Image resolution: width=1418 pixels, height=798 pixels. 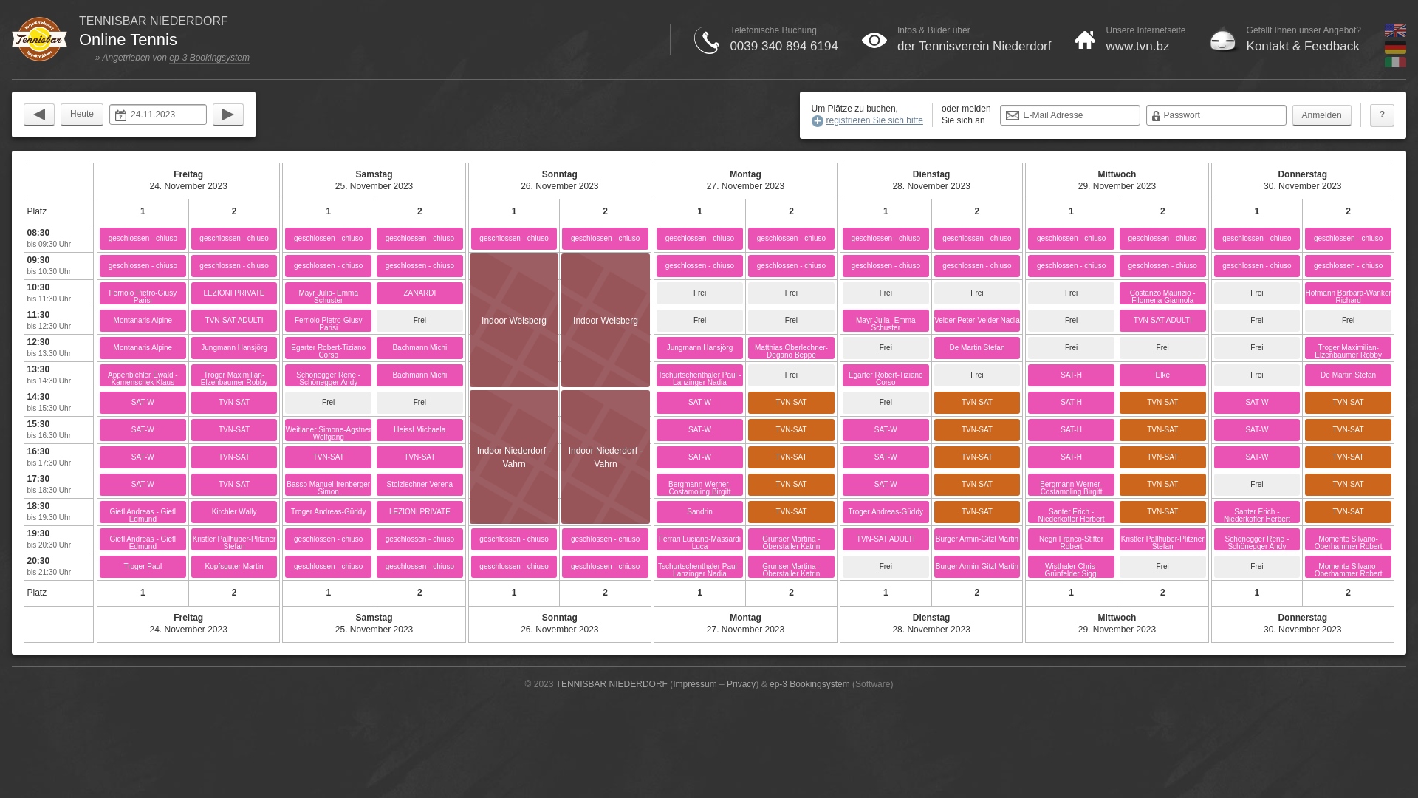 I want to click on 'Kristler Pallhuber-Plitzner Stefan', so click(x=233, y=539).